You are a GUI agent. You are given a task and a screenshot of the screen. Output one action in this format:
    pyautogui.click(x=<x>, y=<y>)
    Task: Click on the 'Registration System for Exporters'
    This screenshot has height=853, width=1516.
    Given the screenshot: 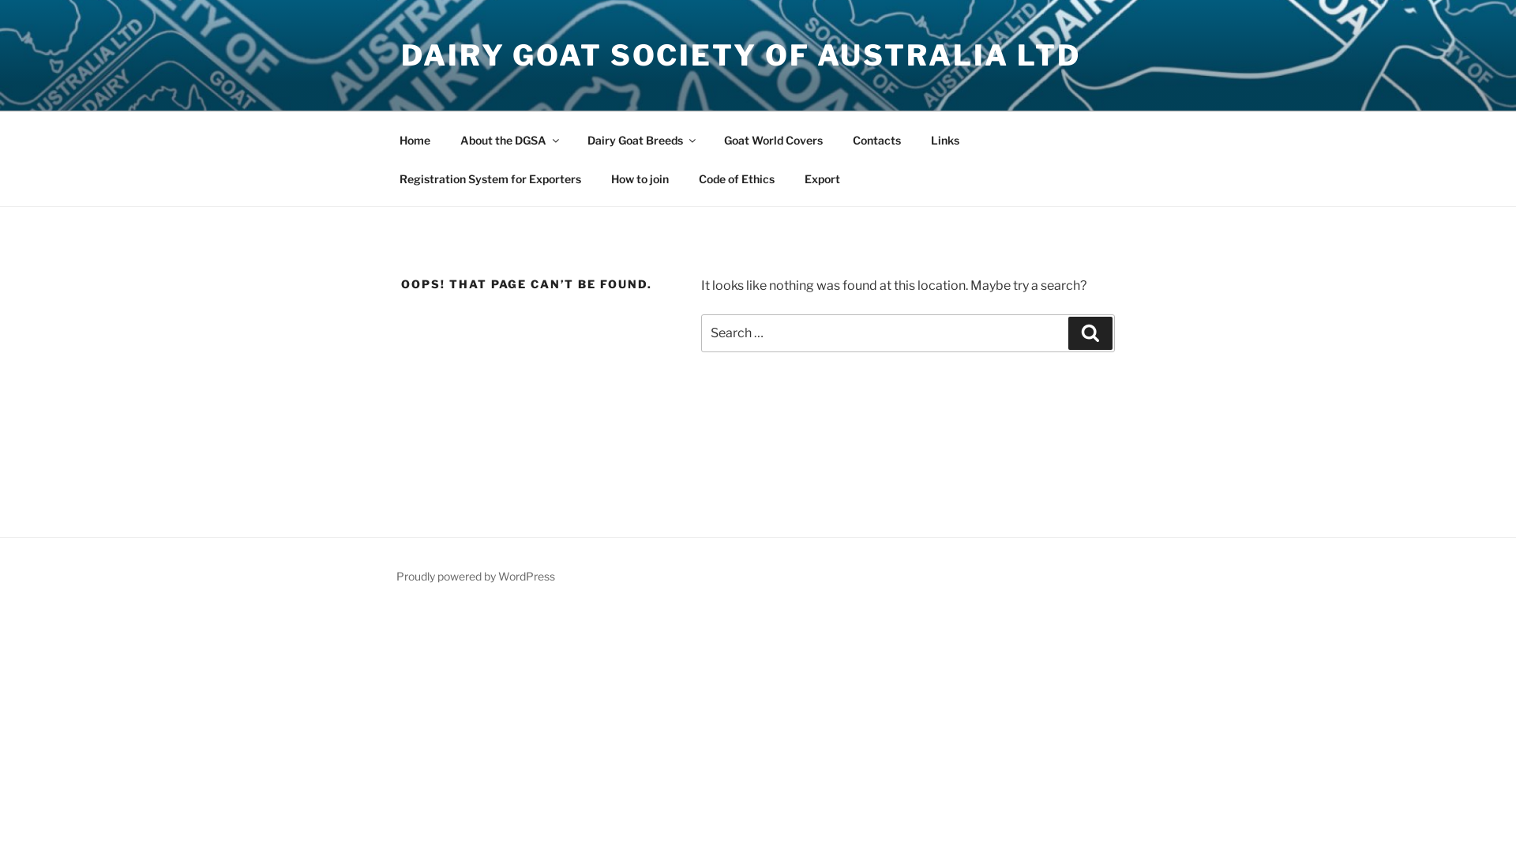 What is the action you would take?
    pyautogui.click(x=385, y=178)
    